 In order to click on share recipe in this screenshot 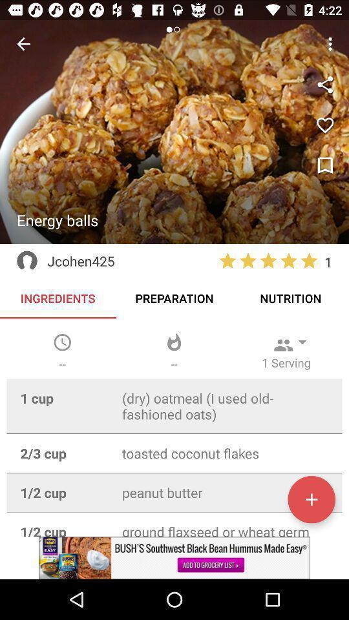, I will do `click(324, 84)`.